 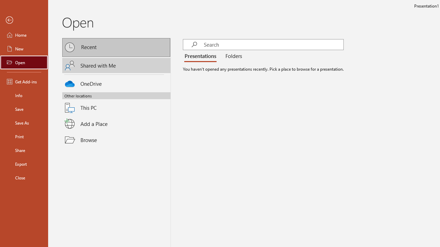 I want to click on 'Print', so click(x=24, y=137).